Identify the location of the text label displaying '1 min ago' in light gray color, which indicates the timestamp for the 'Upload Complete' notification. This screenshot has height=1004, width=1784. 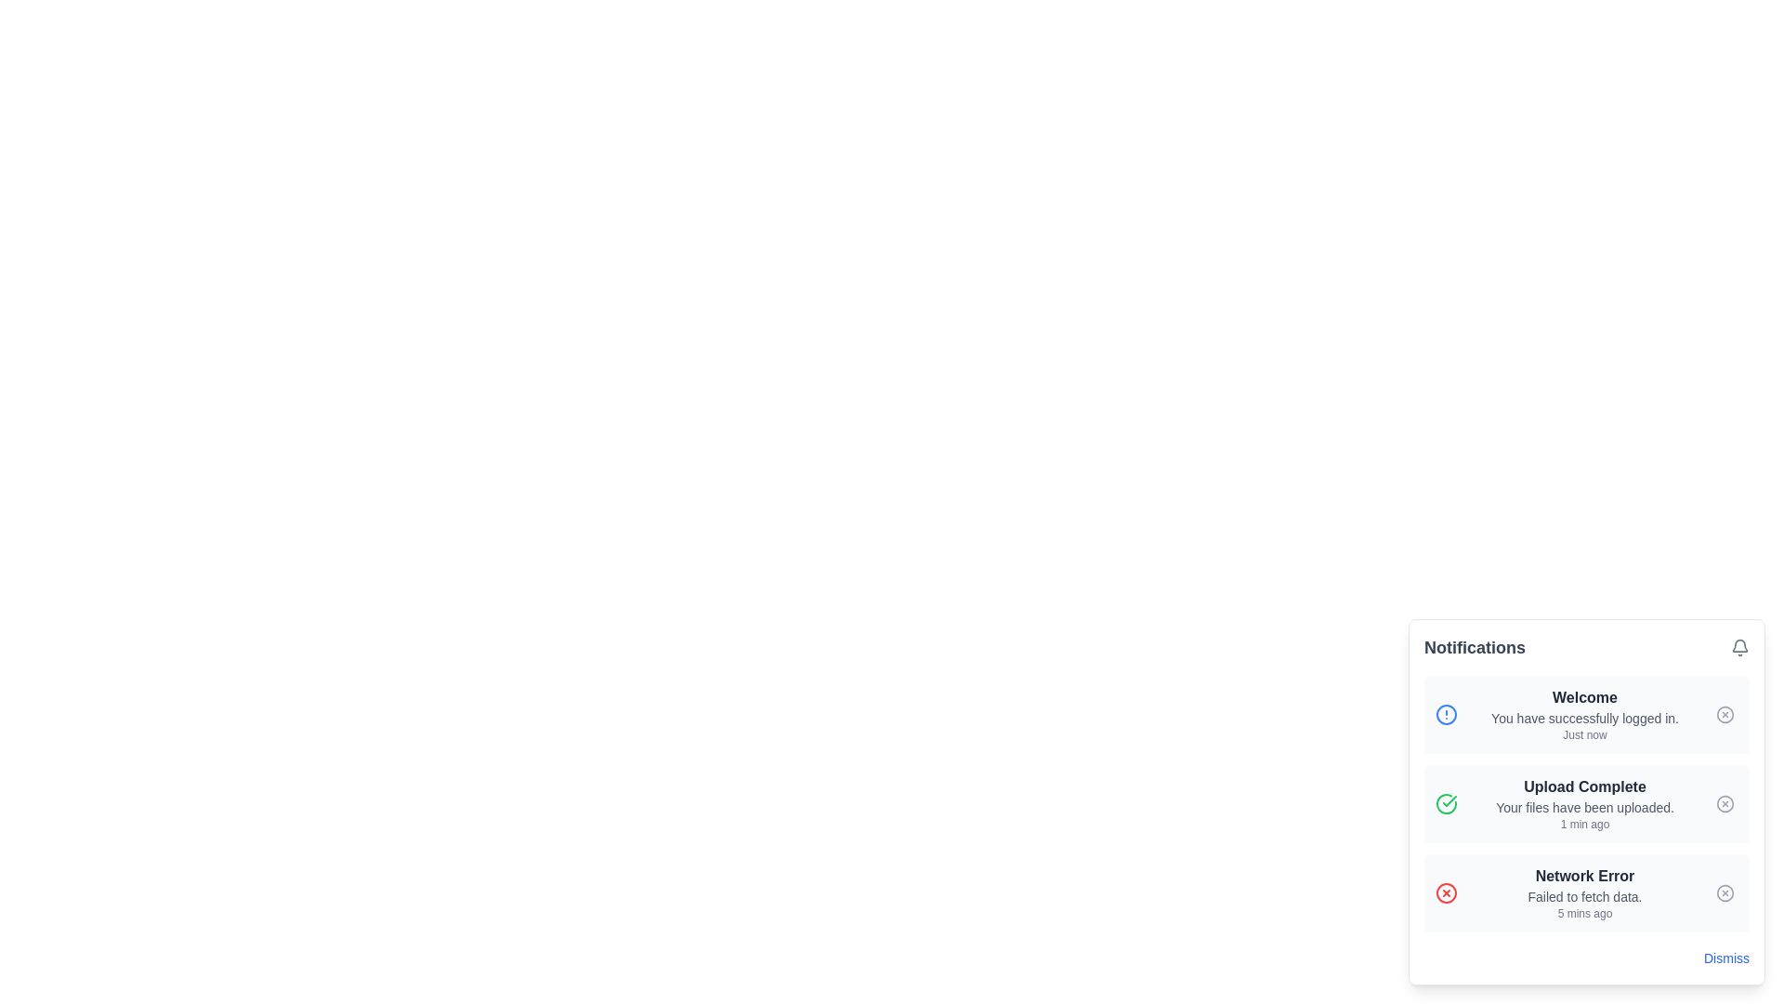
(1583, 824).